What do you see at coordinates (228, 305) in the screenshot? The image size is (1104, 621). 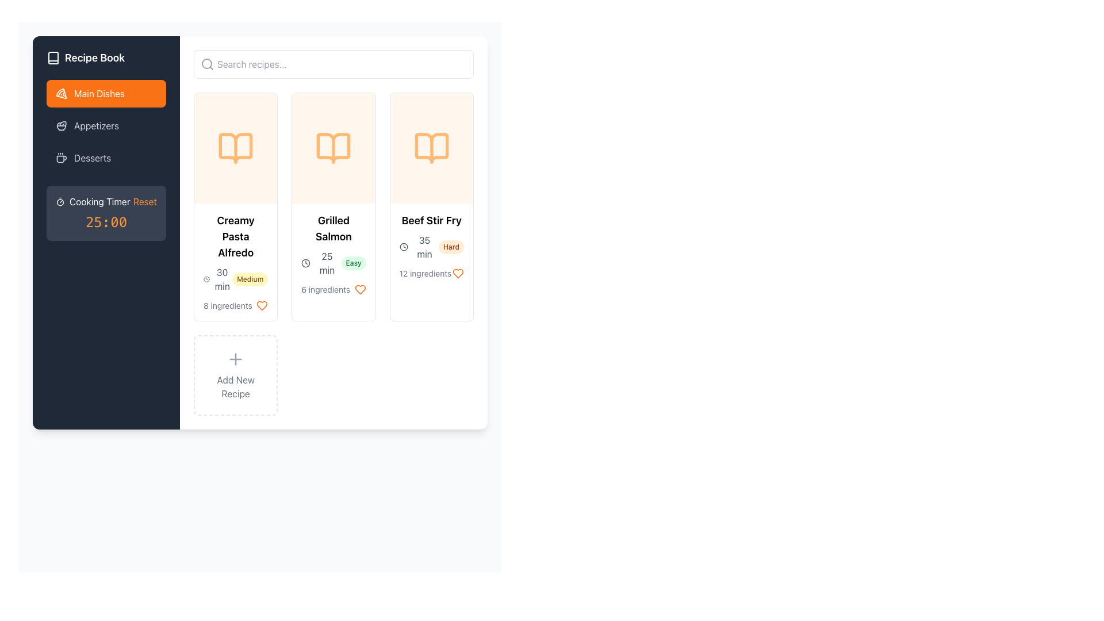 I see `the text label displaying '8 ingredients', which is styled in gray and located at the bottom-left corner of the third recipe card` at bounding box center [228, 305].